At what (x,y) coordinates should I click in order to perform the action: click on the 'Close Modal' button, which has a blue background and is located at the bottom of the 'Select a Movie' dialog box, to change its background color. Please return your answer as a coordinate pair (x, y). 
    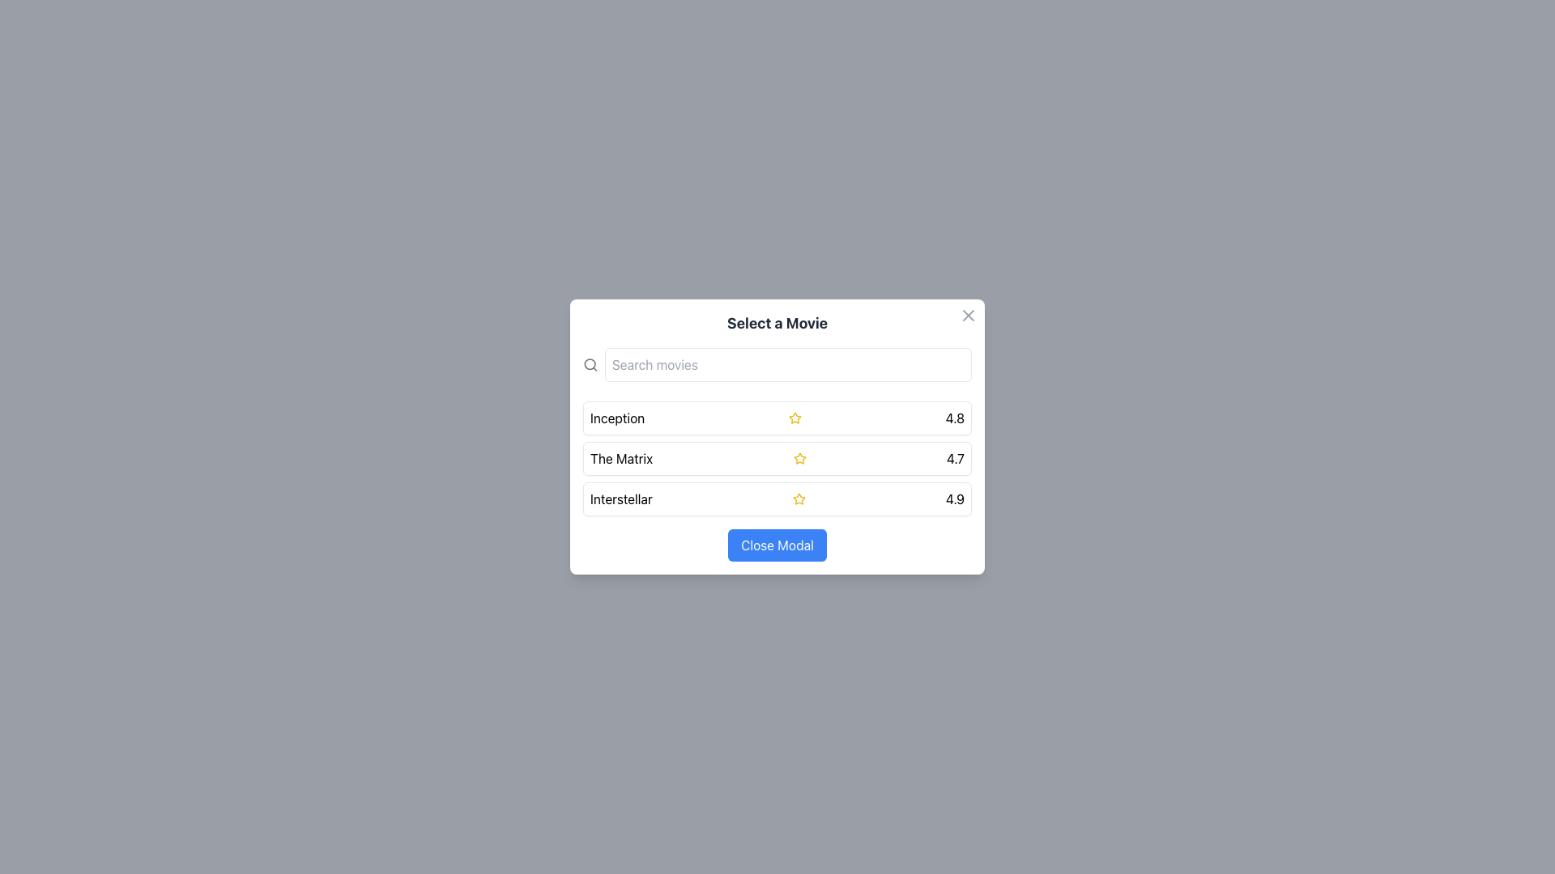
    Looking at the image, I should click on (777, 545).